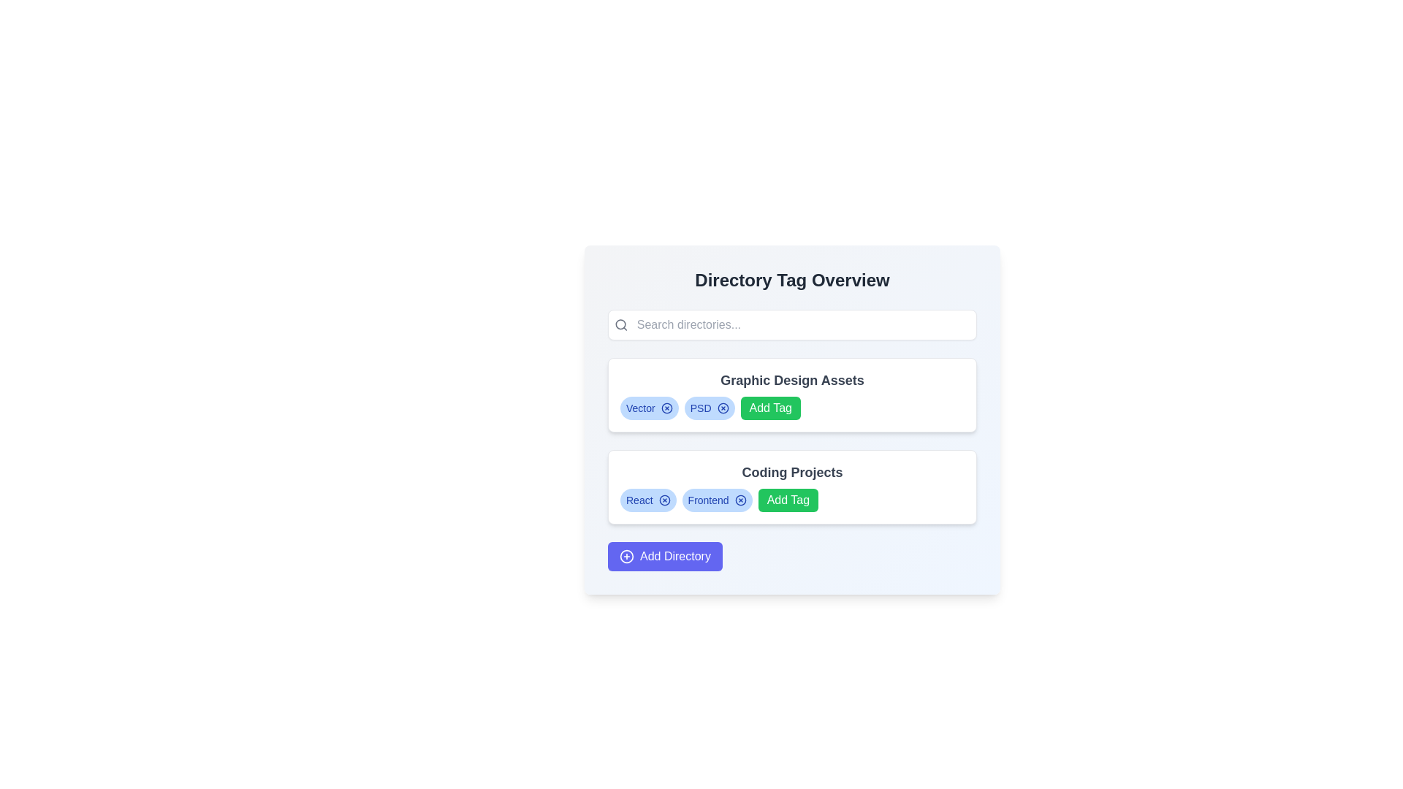  What do you see at coordinates (740, 500) in the screenshot?
I see `the interactive close button icon, which is a small circle with an 'X' mark, located to the right of the 'Frontend' label in the 'Coding Projects' section` at bounding box center [740, 500].